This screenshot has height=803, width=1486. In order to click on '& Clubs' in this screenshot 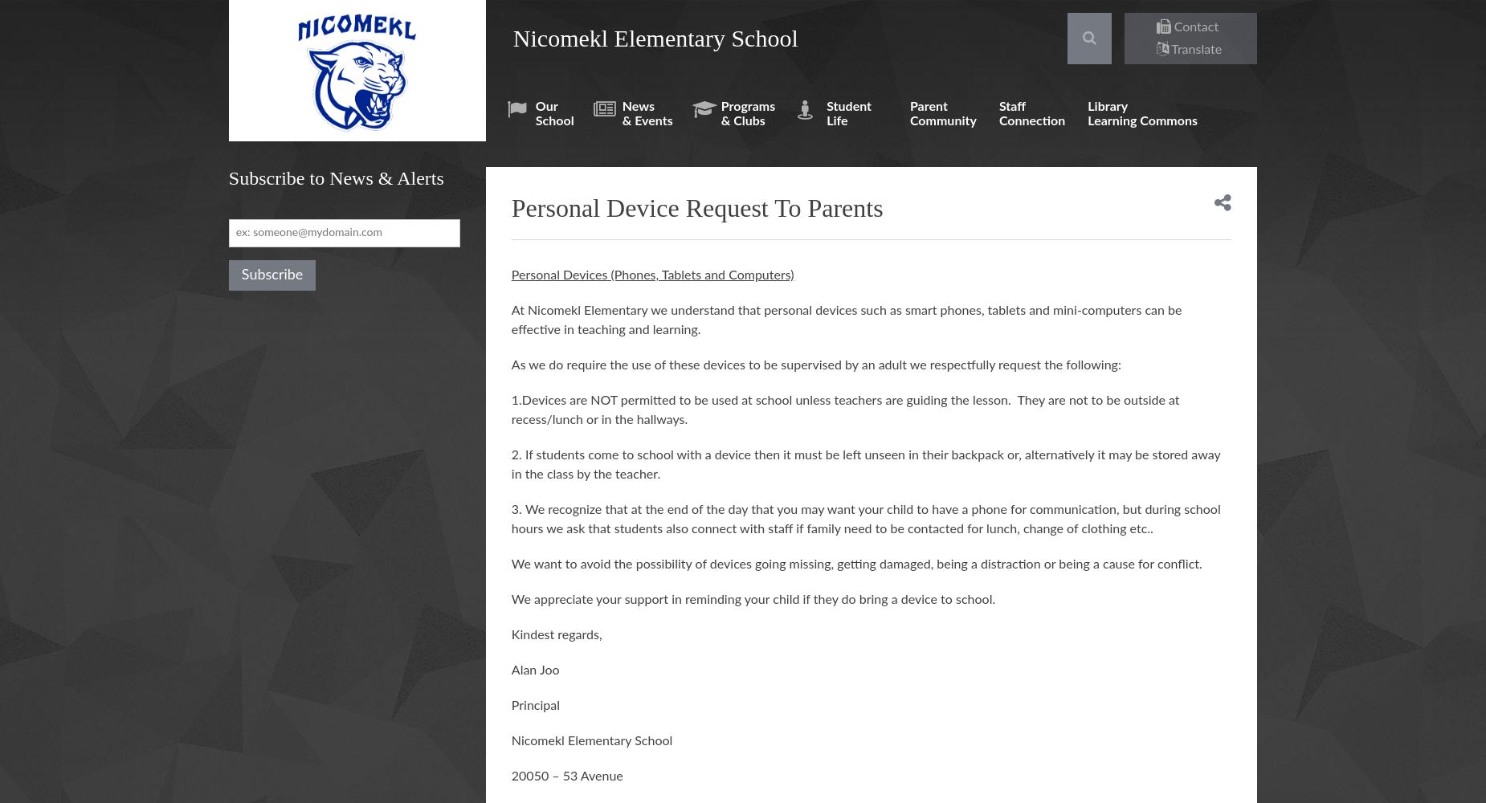, I will do `click(742, 121)`.